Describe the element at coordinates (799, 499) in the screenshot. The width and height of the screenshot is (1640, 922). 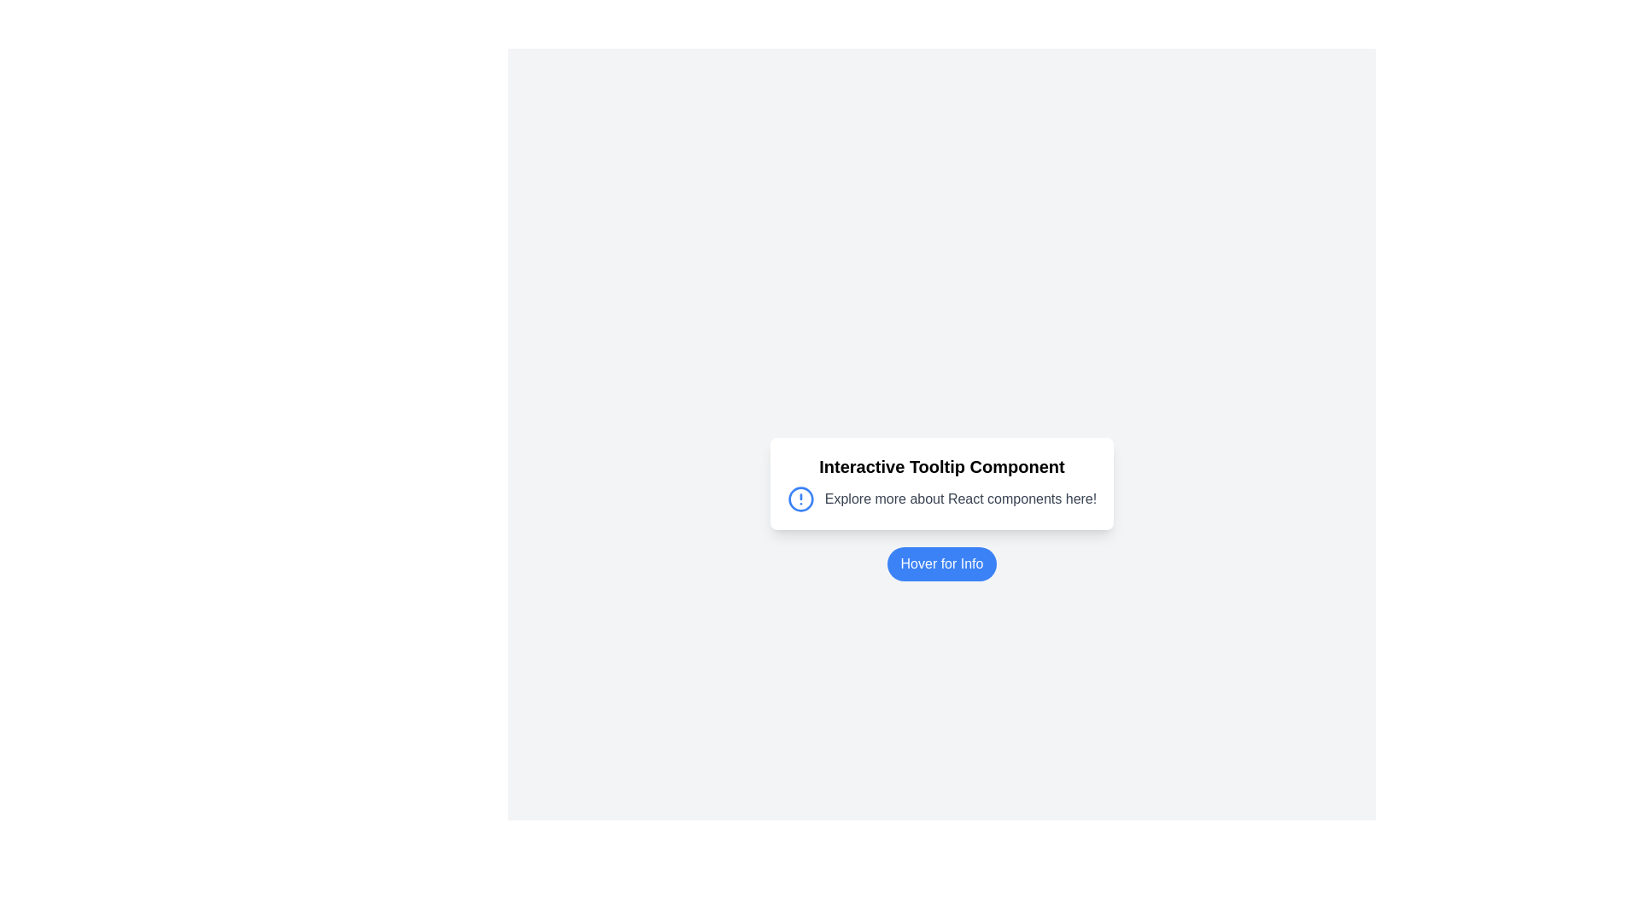
I see `the SVG Circle element that serves as a visual indicator for alert or attention, located to the left of the 'Interactive Tooltip Component' text in the card-like component` at that location.